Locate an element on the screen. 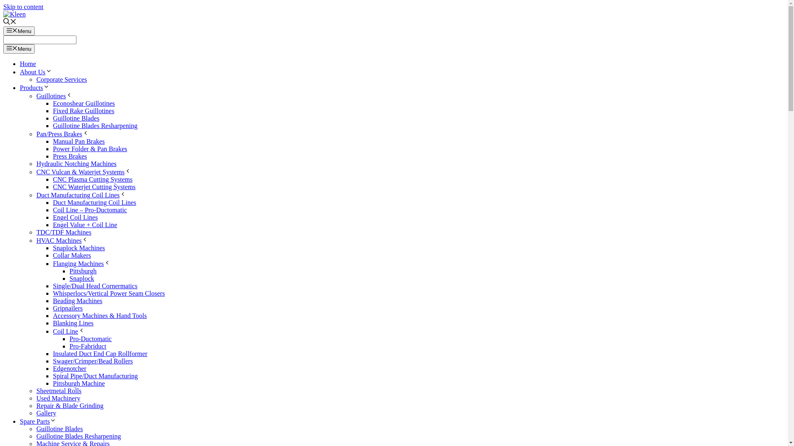 Image resolution: width=794 pixels, height=446 pixels. 'Collar Makers' is located at coordinates (72, 255).